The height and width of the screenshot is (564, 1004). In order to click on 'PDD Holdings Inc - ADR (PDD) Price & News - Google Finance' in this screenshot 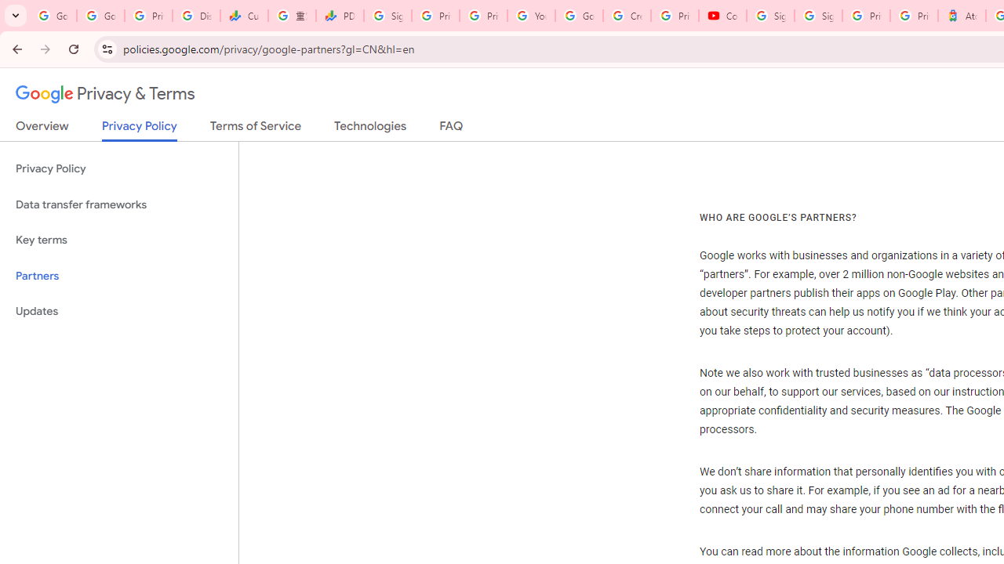, I will do `click(339, 16)`.